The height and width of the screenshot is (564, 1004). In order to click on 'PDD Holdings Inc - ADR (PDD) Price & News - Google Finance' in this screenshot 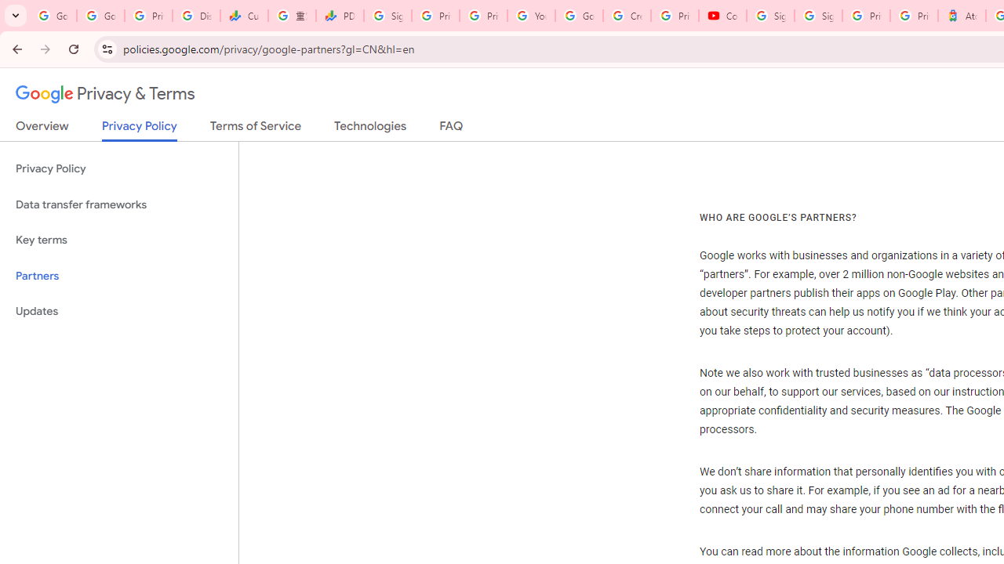, I will do `click(339, 16)`.